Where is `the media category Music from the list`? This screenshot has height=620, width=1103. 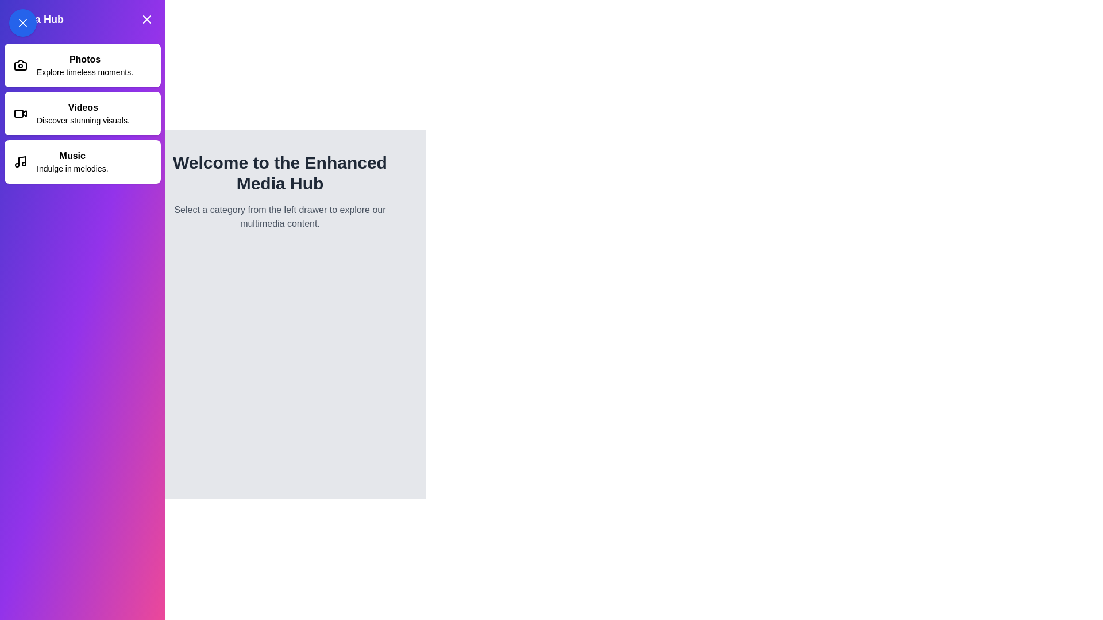 the media category Music from the list is located at coordinates (82, 161).